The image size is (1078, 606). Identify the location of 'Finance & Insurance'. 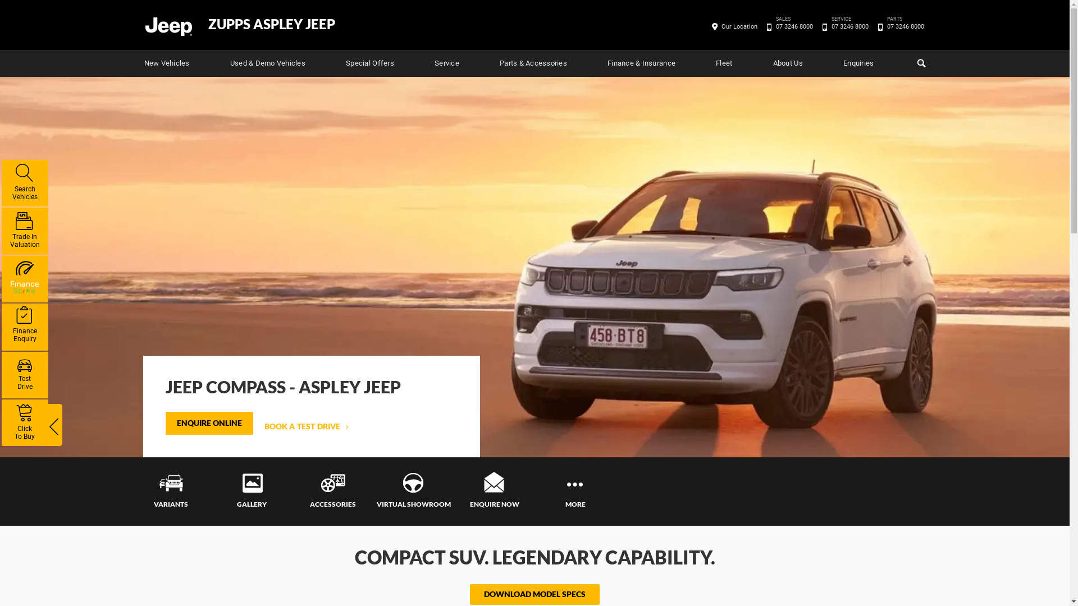
(641, 63).